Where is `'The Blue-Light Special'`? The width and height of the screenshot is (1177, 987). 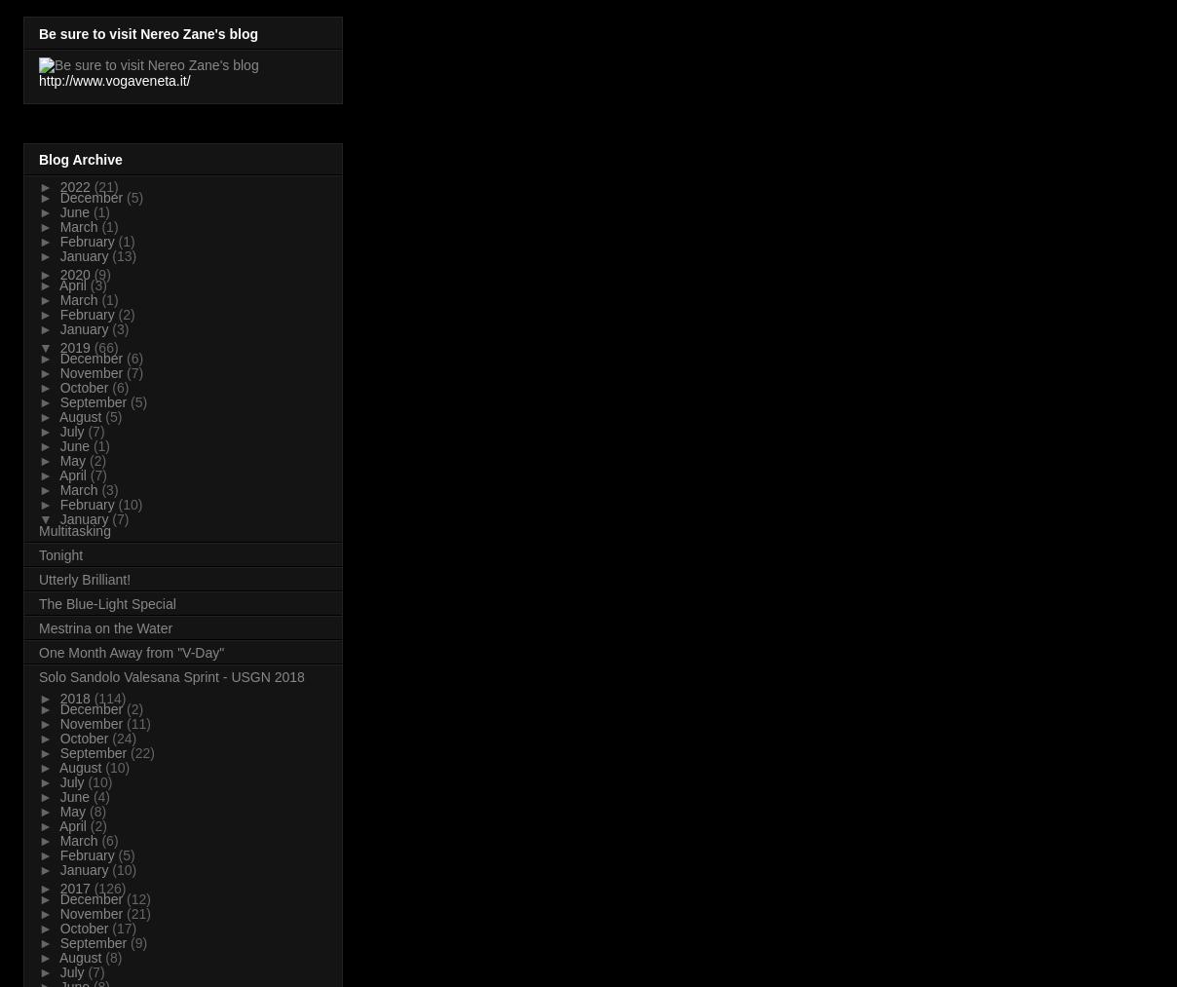
'The Blue-Light Special' is located at coordinates (106, 602).